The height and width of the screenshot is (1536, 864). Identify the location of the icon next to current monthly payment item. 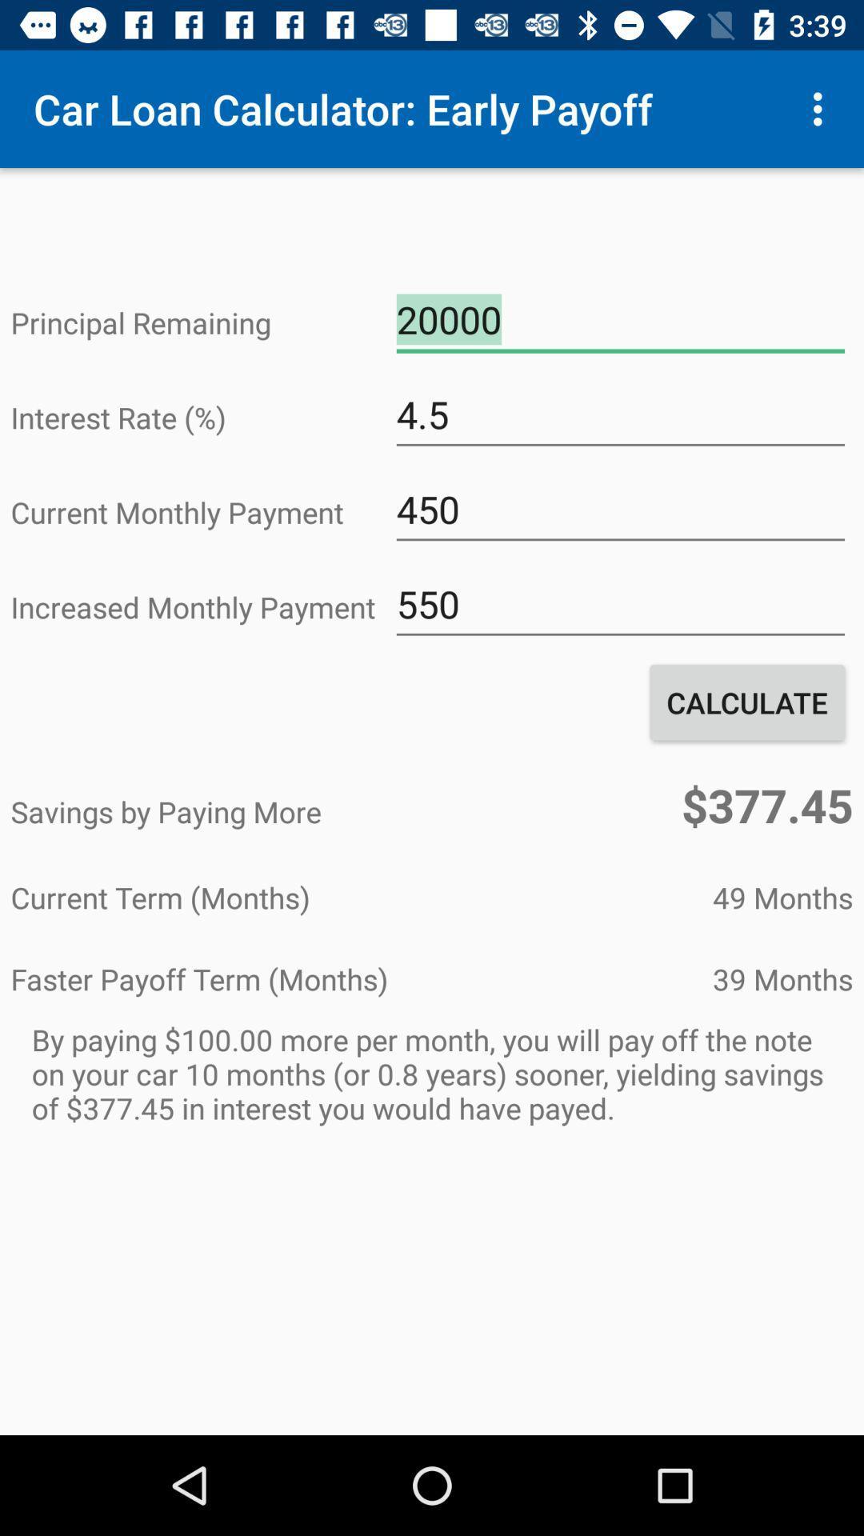
(619, 509).